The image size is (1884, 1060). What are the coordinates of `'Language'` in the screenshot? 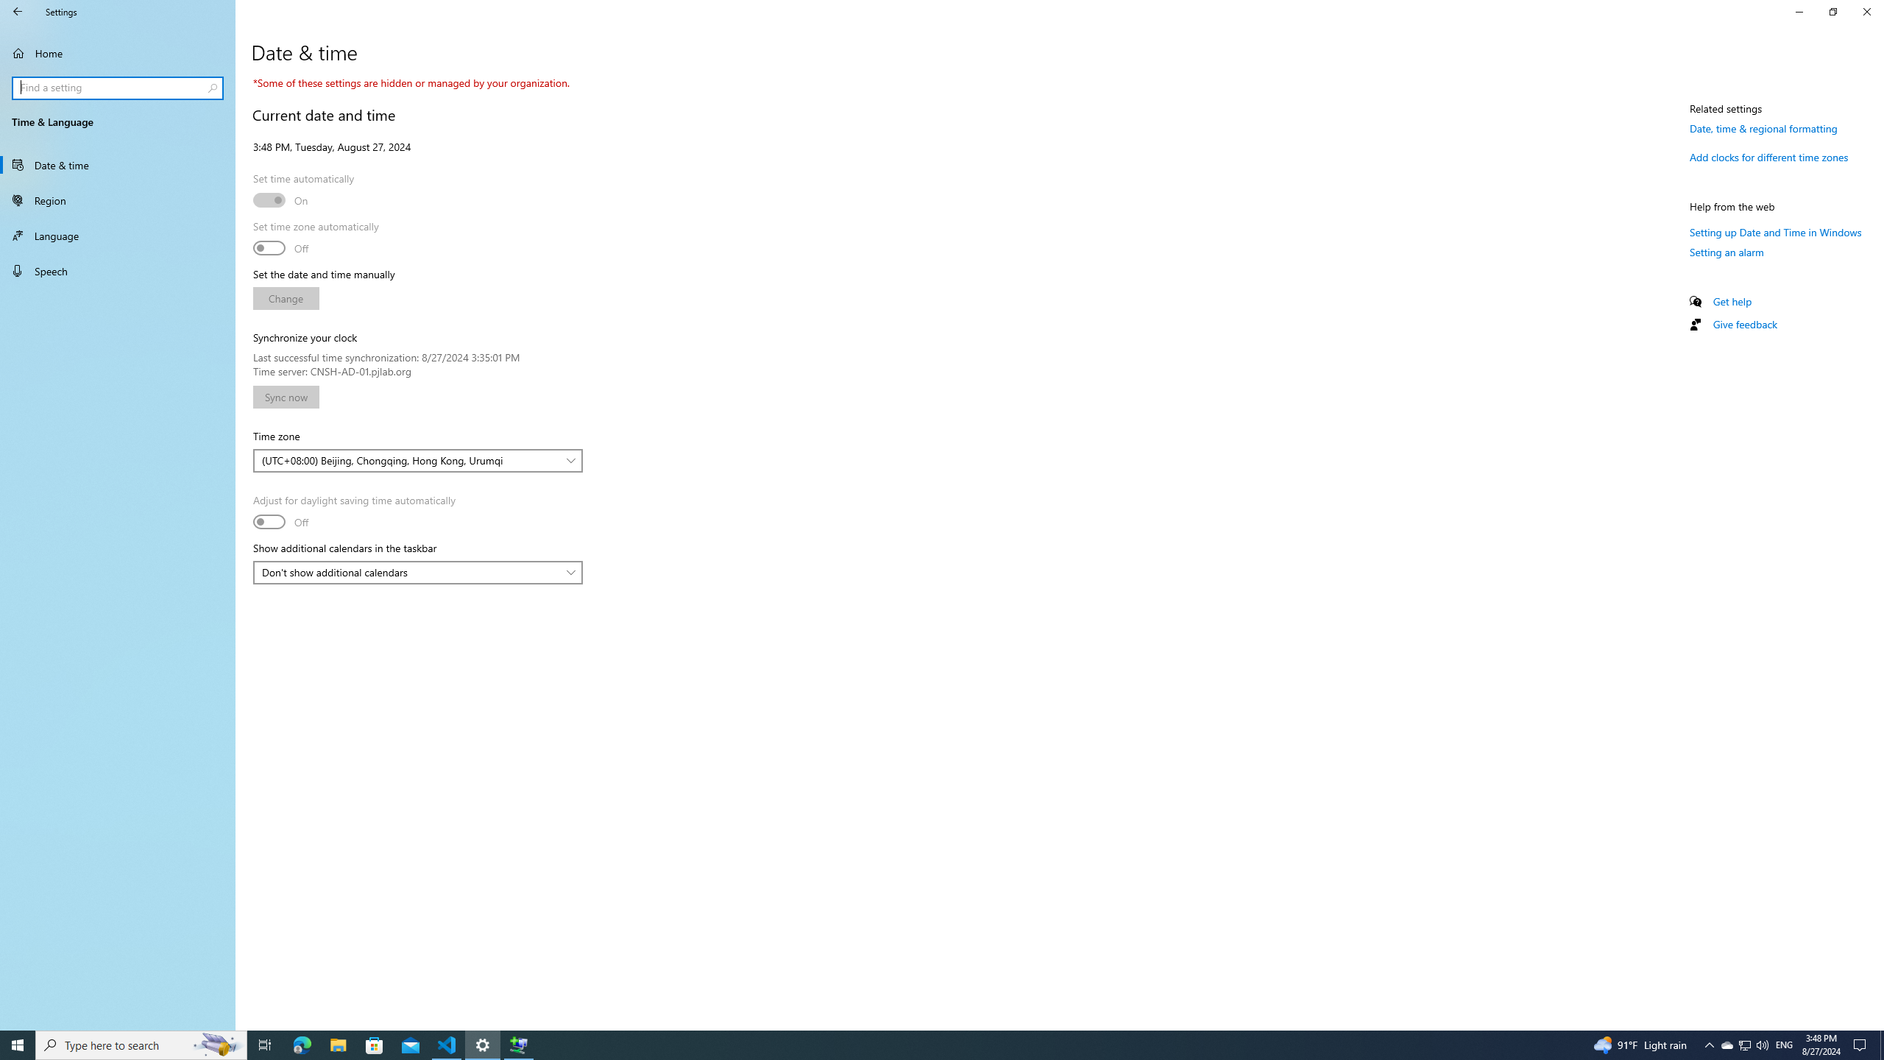 It's located at (117, 235).